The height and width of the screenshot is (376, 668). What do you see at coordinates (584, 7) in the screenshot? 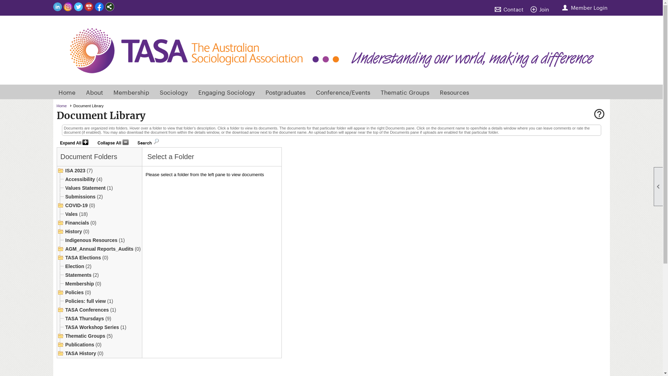
I see `'Member Login'` at bounding box center [584, 7].